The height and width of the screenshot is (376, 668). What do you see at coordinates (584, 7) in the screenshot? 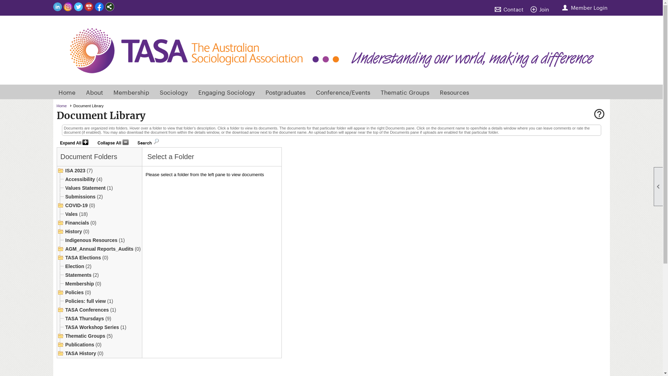
I see `'Member Login'` at bounding box center [584, 7].